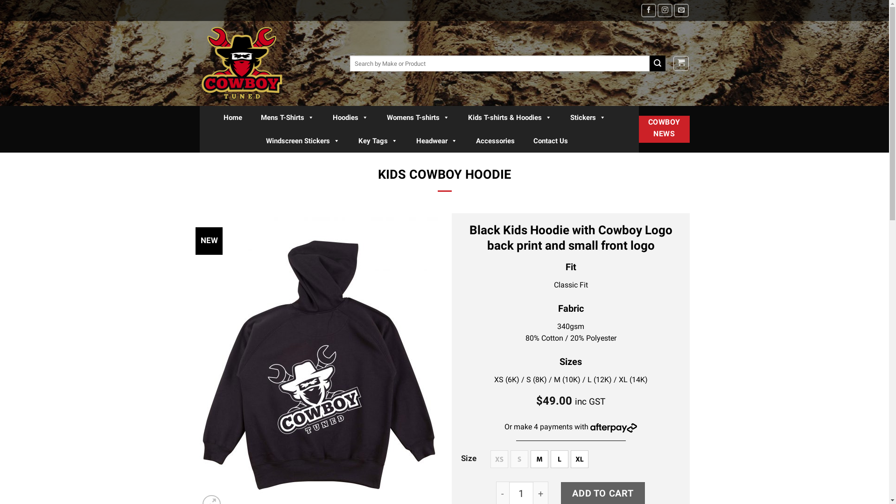  What do you see at coordinates (648, 10) in the screenshot?
I see `'Follow on Facebook'` at bounding box center [648, 10].